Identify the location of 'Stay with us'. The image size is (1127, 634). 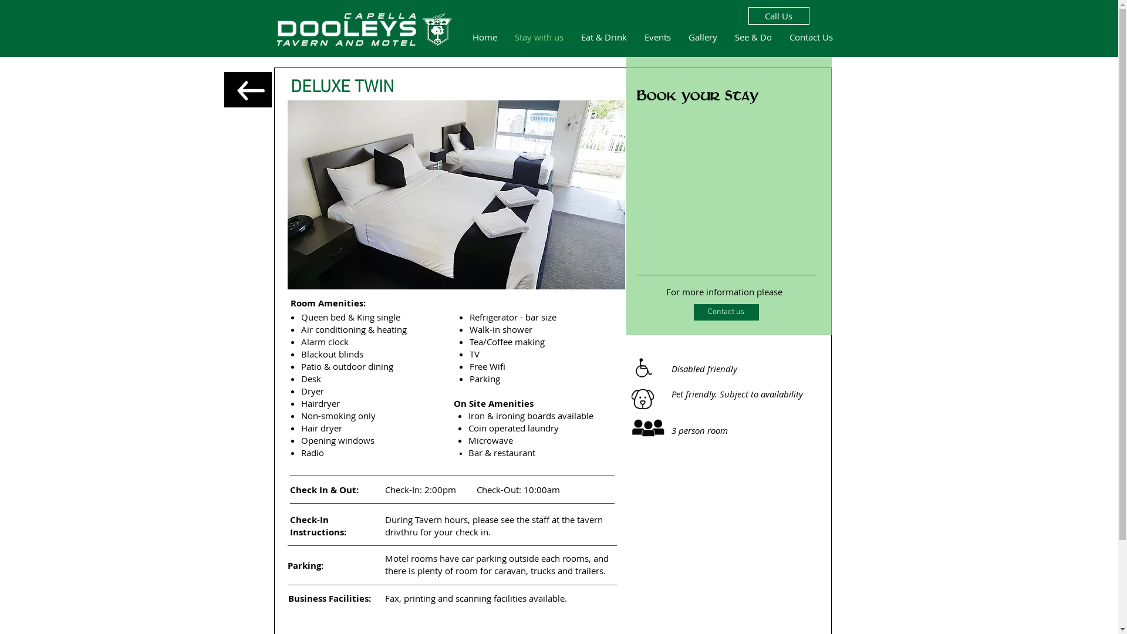
(538, 36).